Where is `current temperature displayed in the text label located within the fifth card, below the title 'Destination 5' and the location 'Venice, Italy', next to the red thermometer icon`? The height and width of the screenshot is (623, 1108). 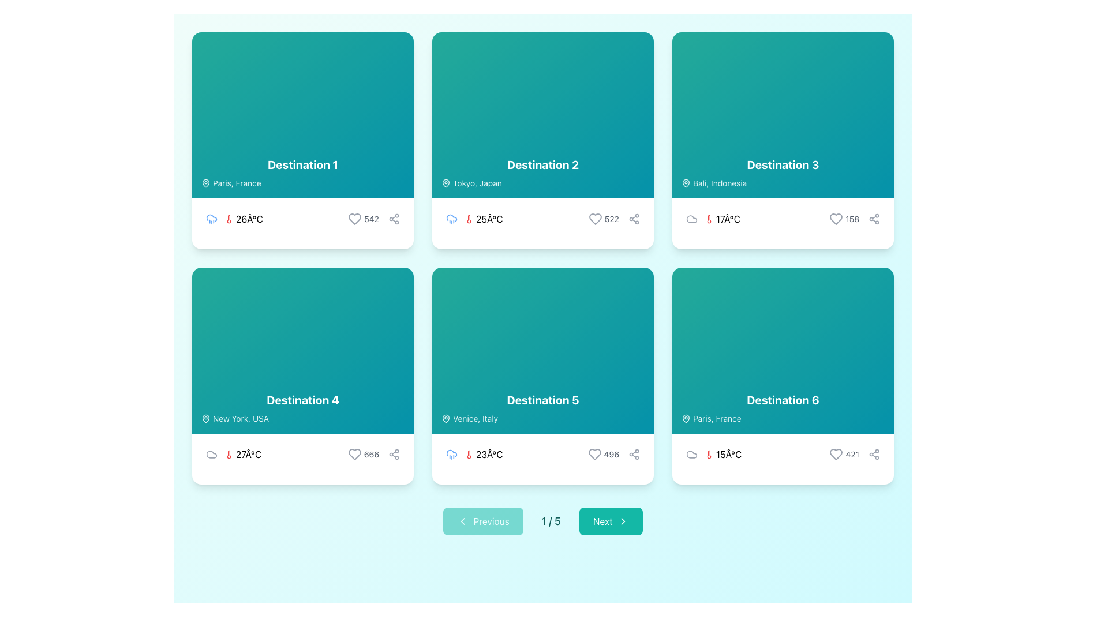 current temperature displayed in the text label located within the fifth card, below the title 'Destination 5' and the location 'Venice, Italy', next to the red thermometer icon is located at coordinates (489, 453).